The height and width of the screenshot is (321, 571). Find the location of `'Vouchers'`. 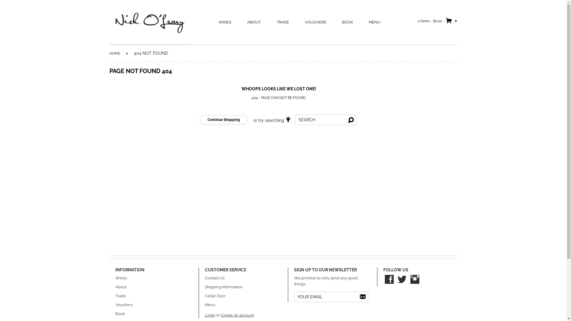

'Vouchers' is located at coordinates (124, 305).